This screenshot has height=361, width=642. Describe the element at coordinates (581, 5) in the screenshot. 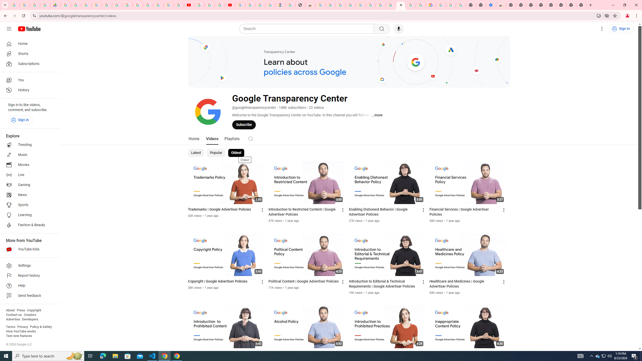

I see `'New Tab'` at that location.